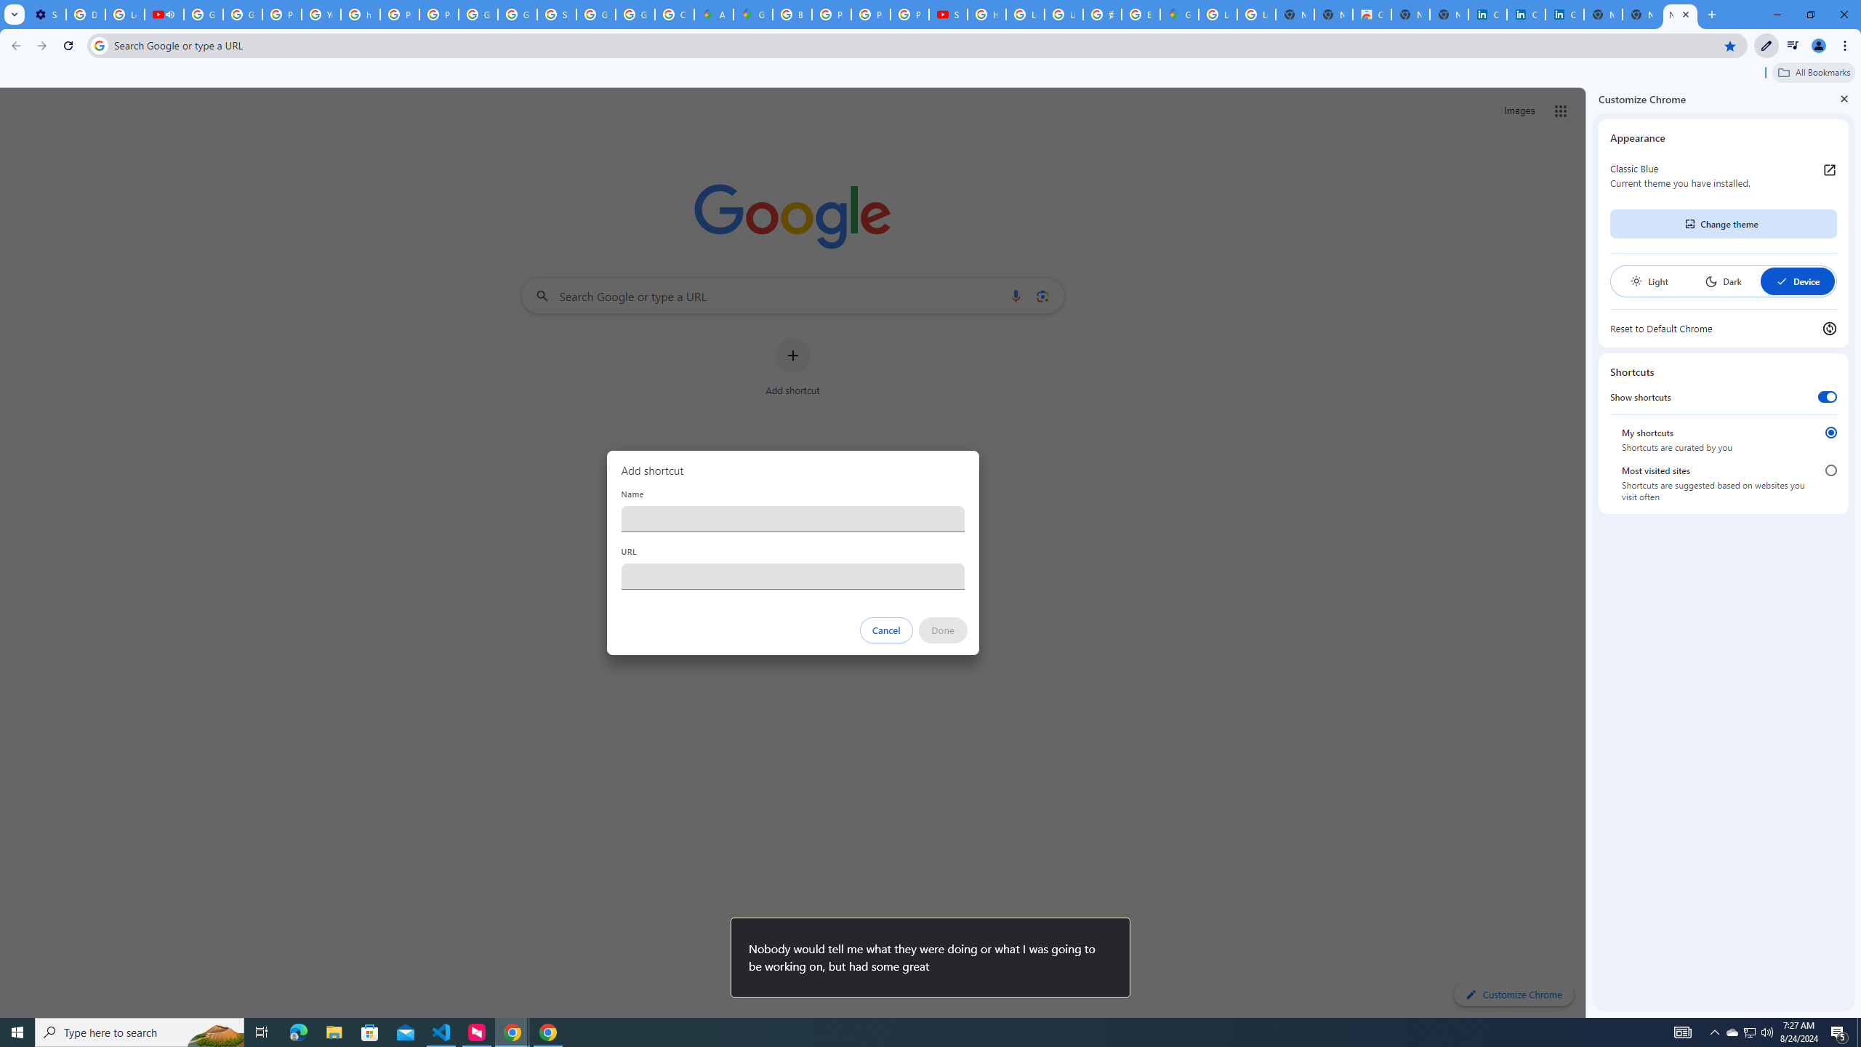  Describe the element at coordinates (942, 630) in the screenshot. I see `'Done'` at that location.